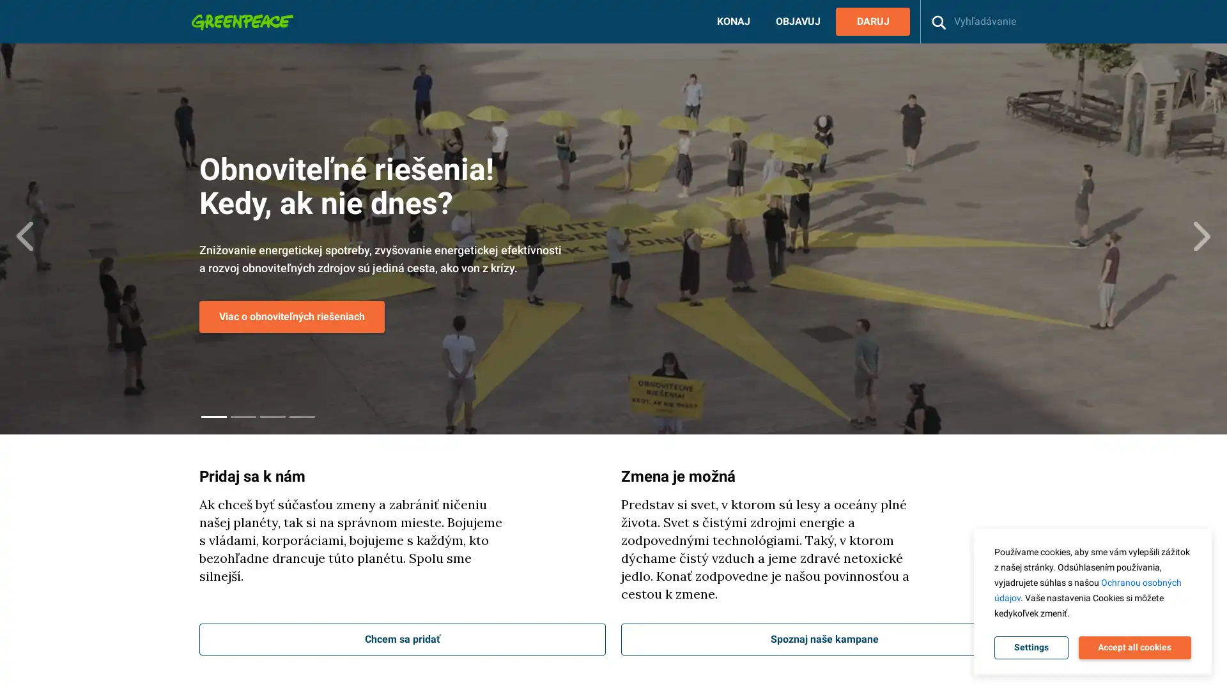 This screenshot has height=690, width=1227. I want to click on Settings, so click(1031, 648).